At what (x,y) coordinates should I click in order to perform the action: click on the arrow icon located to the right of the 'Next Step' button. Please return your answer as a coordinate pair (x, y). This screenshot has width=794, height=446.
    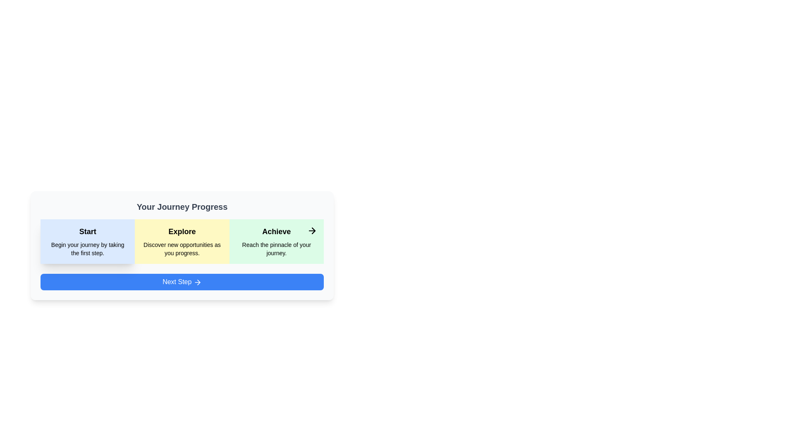
    Looking at the image, I should click on (198, 282).